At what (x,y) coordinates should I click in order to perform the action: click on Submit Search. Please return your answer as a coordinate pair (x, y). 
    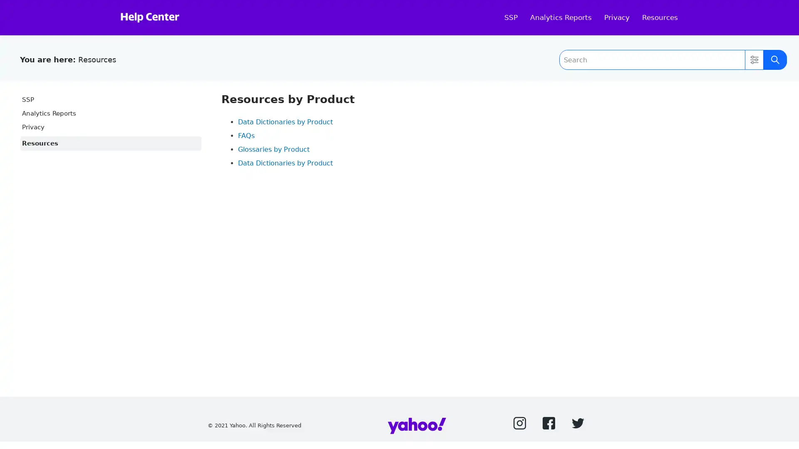
    Looking at the image, I should click on (774, 59).